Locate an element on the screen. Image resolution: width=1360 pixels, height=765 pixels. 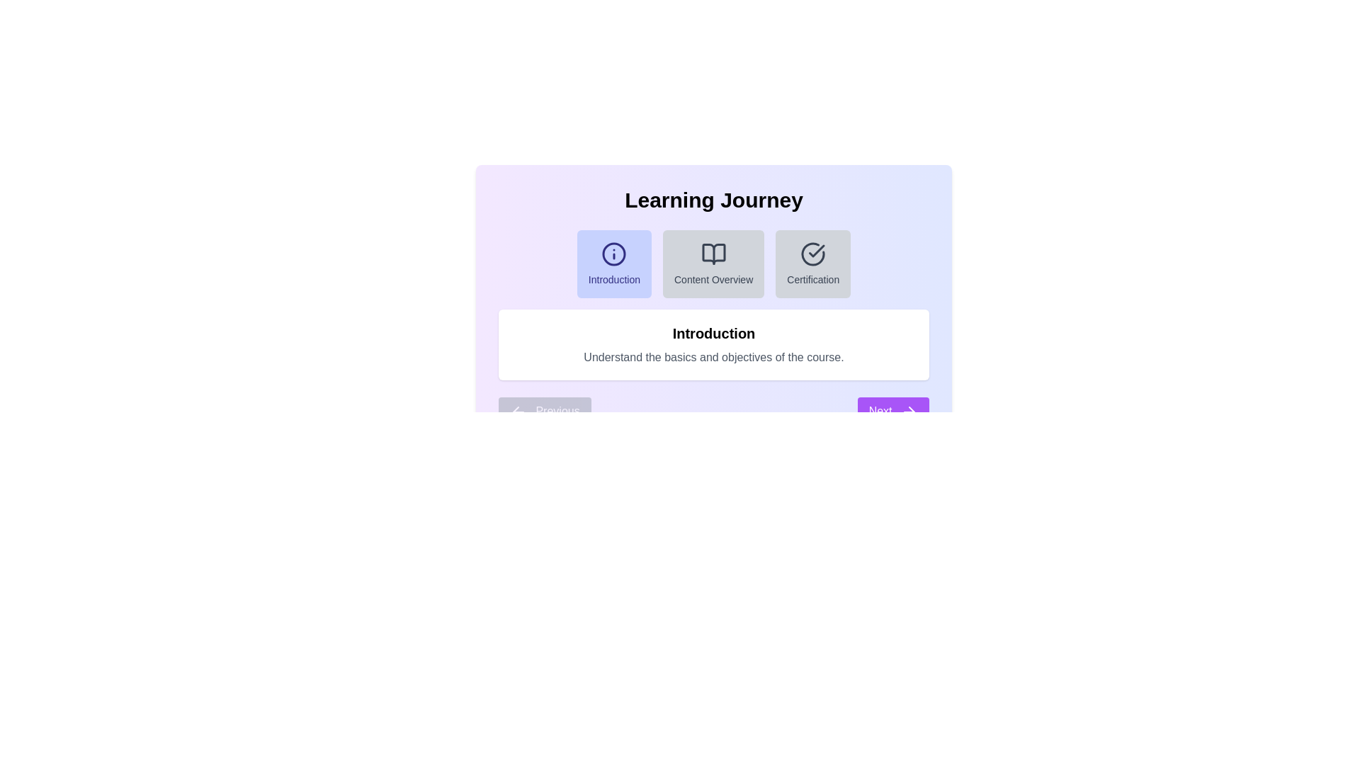
the icon of the current step in the Learning Journey Stepper is located at coordinates (614, 253).